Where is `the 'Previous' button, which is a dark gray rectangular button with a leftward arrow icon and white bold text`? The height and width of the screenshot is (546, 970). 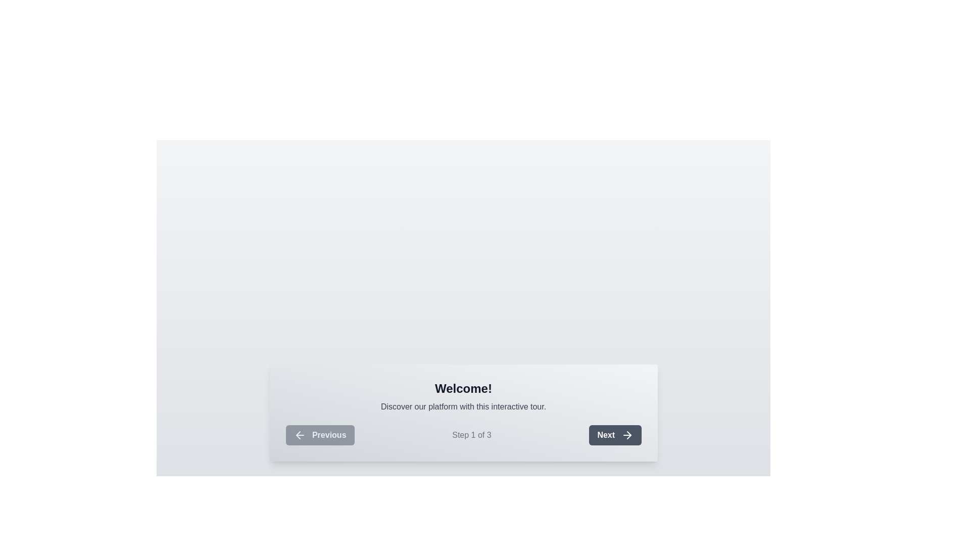
the 'Previous' button, which is a dark gray rectangular button with a leftward arrow icon and white bold text is located at coordinates (319, 434).